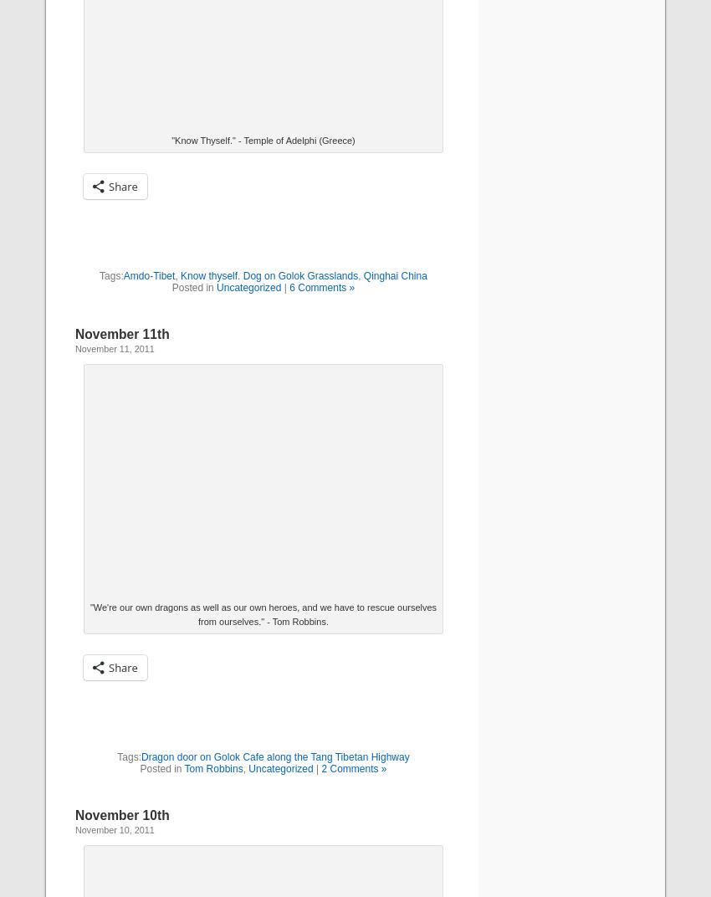  Describe the element at coordinates (115, 347) in the screenshot. I see `'November 11, 2011'` at that location.